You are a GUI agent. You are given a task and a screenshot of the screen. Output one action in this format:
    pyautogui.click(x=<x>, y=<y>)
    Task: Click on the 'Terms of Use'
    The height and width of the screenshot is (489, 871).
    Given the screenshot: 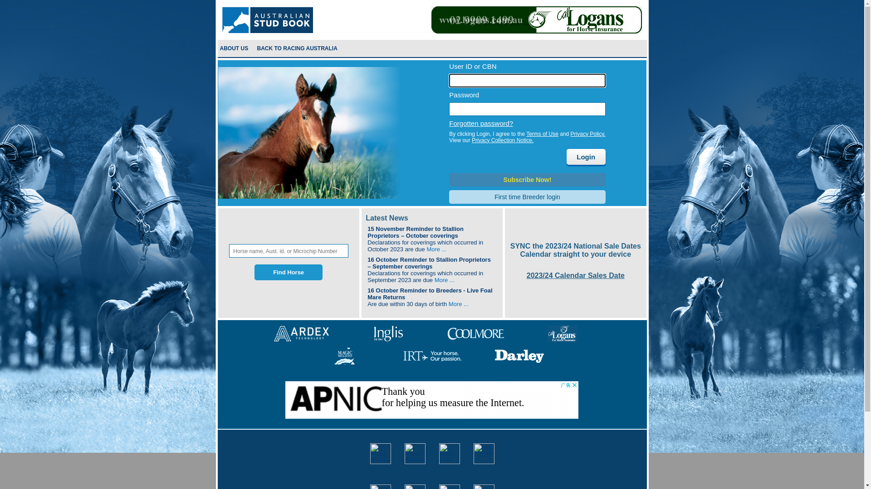 What is the action you would take?
    pyautogui.click(x=542, y=134)
    